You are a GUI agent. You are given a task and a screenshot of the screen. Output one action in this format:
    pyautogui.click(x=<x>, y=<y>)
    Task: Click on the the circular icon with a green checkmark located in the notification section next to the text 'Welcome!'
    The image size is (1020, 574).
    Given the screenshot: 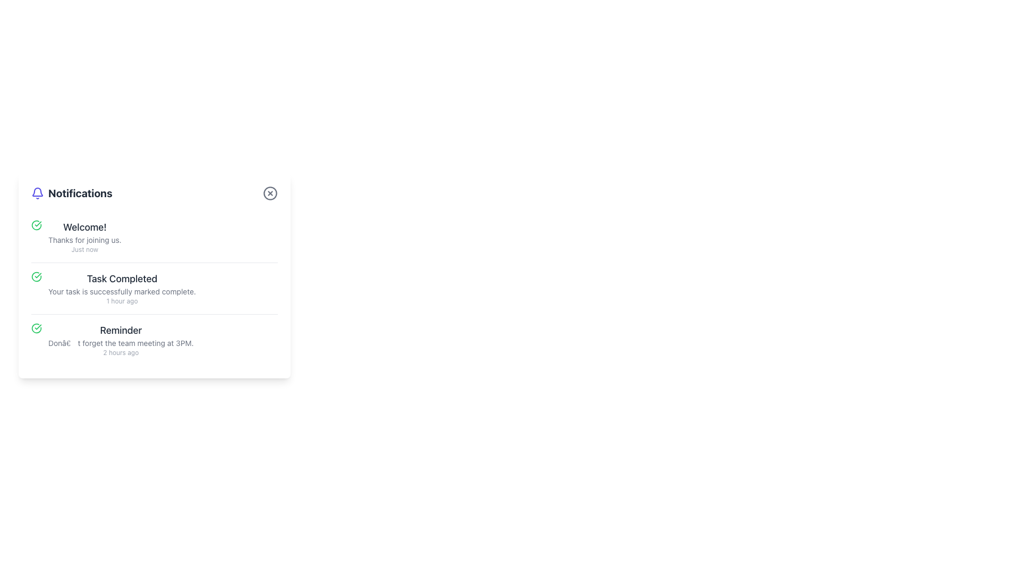 What is the action you would take?
    pyautogui.click(x=36, y=225)
    